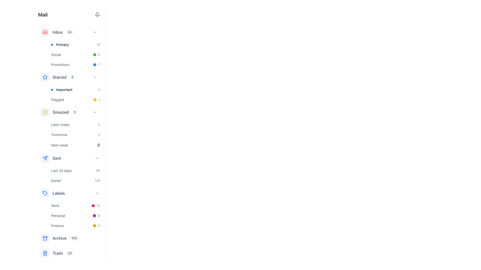  I want to click on the user's inbox element located in the left navigation panel under the 'Mail' header, so click(63, 32).